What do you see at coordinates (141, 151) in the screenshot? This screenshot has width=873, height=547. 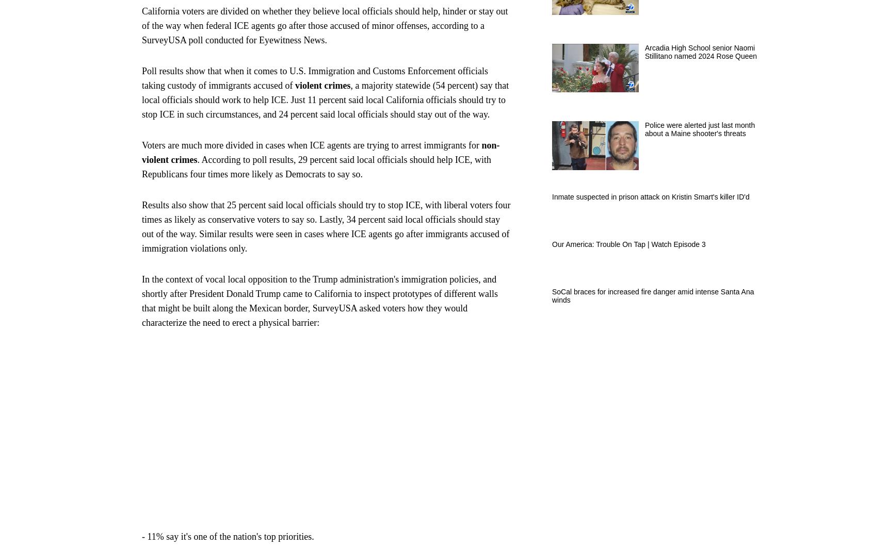 I see `'non-violent crimes'` at bounding box center [141, 151].